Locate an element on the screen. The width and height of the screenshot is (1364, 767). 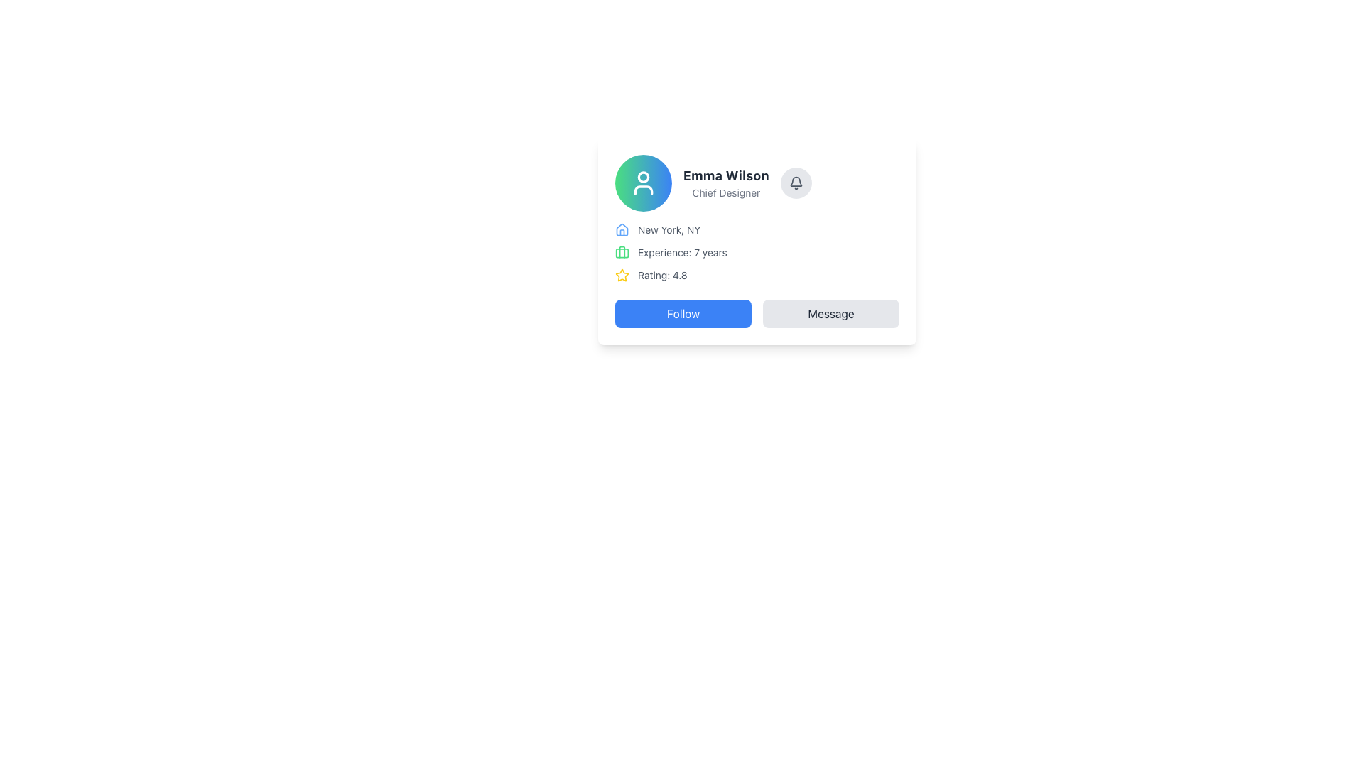
the 'Experience' icon located to the left of the text 'Experience: 7 years' in the profile section card layout is located at coordinates (622, 251).